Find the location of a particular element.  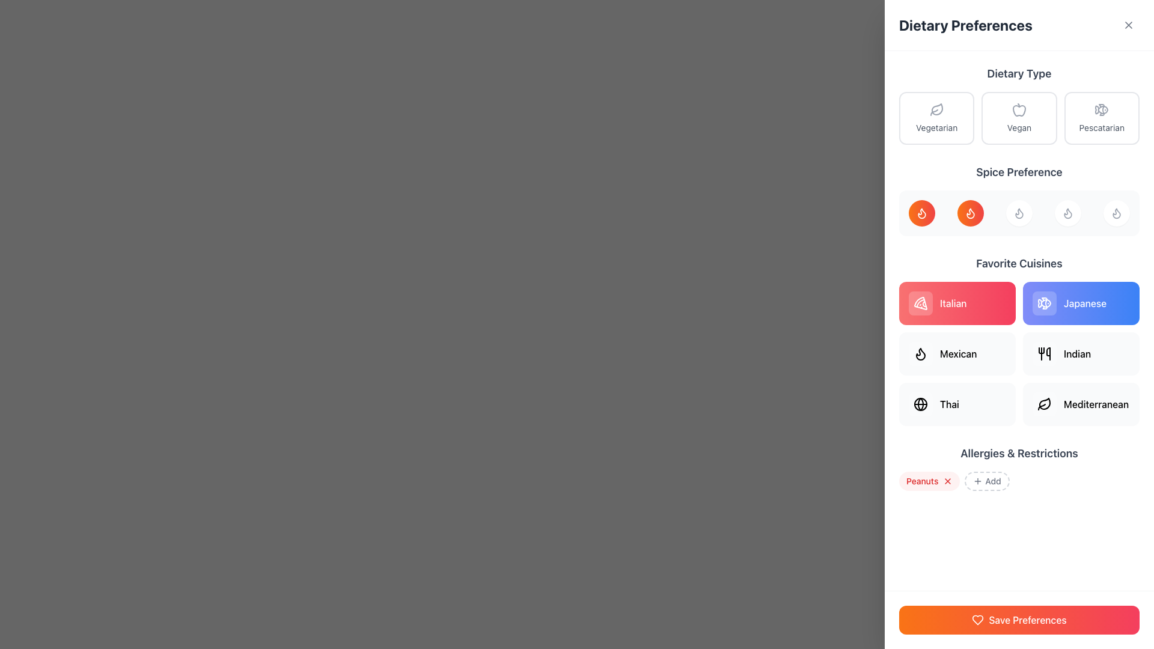

the 'Indian' button with utensils icon in the 'Favorite Cuisines' section is located at coordinates (1081, 353).